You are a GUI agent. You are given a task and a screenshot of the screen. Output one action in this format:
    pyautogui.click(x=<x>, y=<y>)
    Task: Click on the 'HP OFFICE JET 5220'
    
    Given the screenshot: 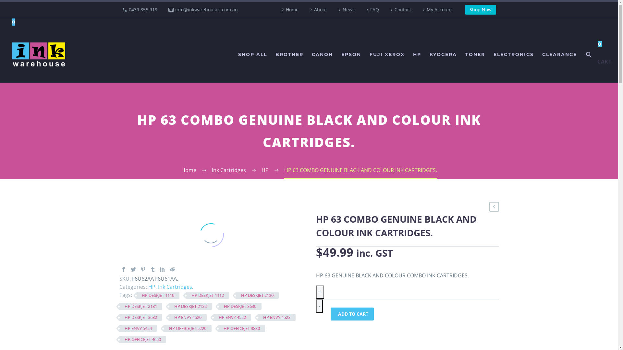 What is the action you would take?
    pyautogui.click(x=187, y=328)
    